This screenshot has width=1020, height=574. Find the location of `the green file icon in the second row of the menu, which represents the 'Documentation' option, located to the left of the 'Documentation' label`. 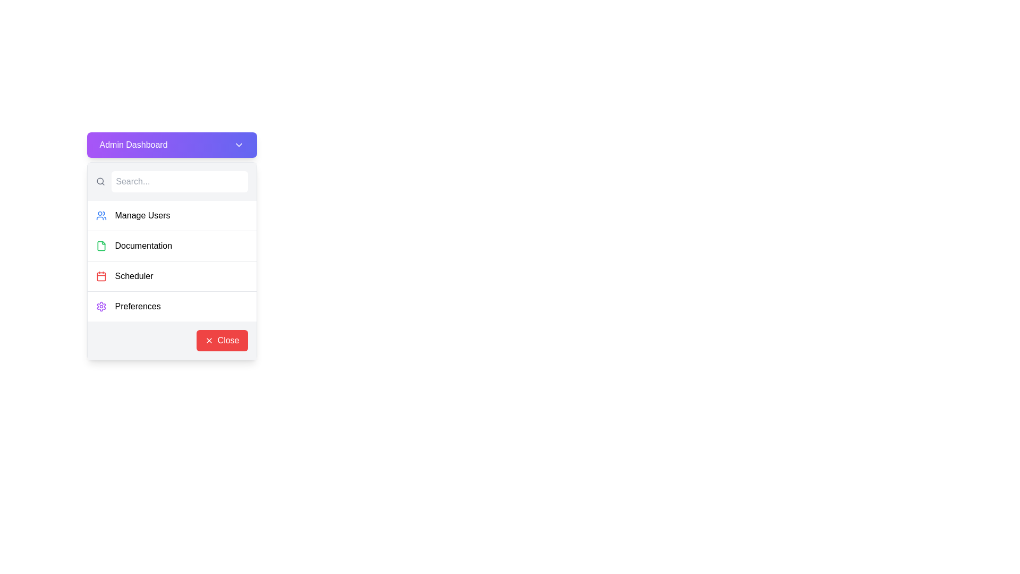

the green file icon in the second row of the menu, which represents the 'Documentation' option, located to the left of the 'Documentation' label is located at coordinates (101, 246).